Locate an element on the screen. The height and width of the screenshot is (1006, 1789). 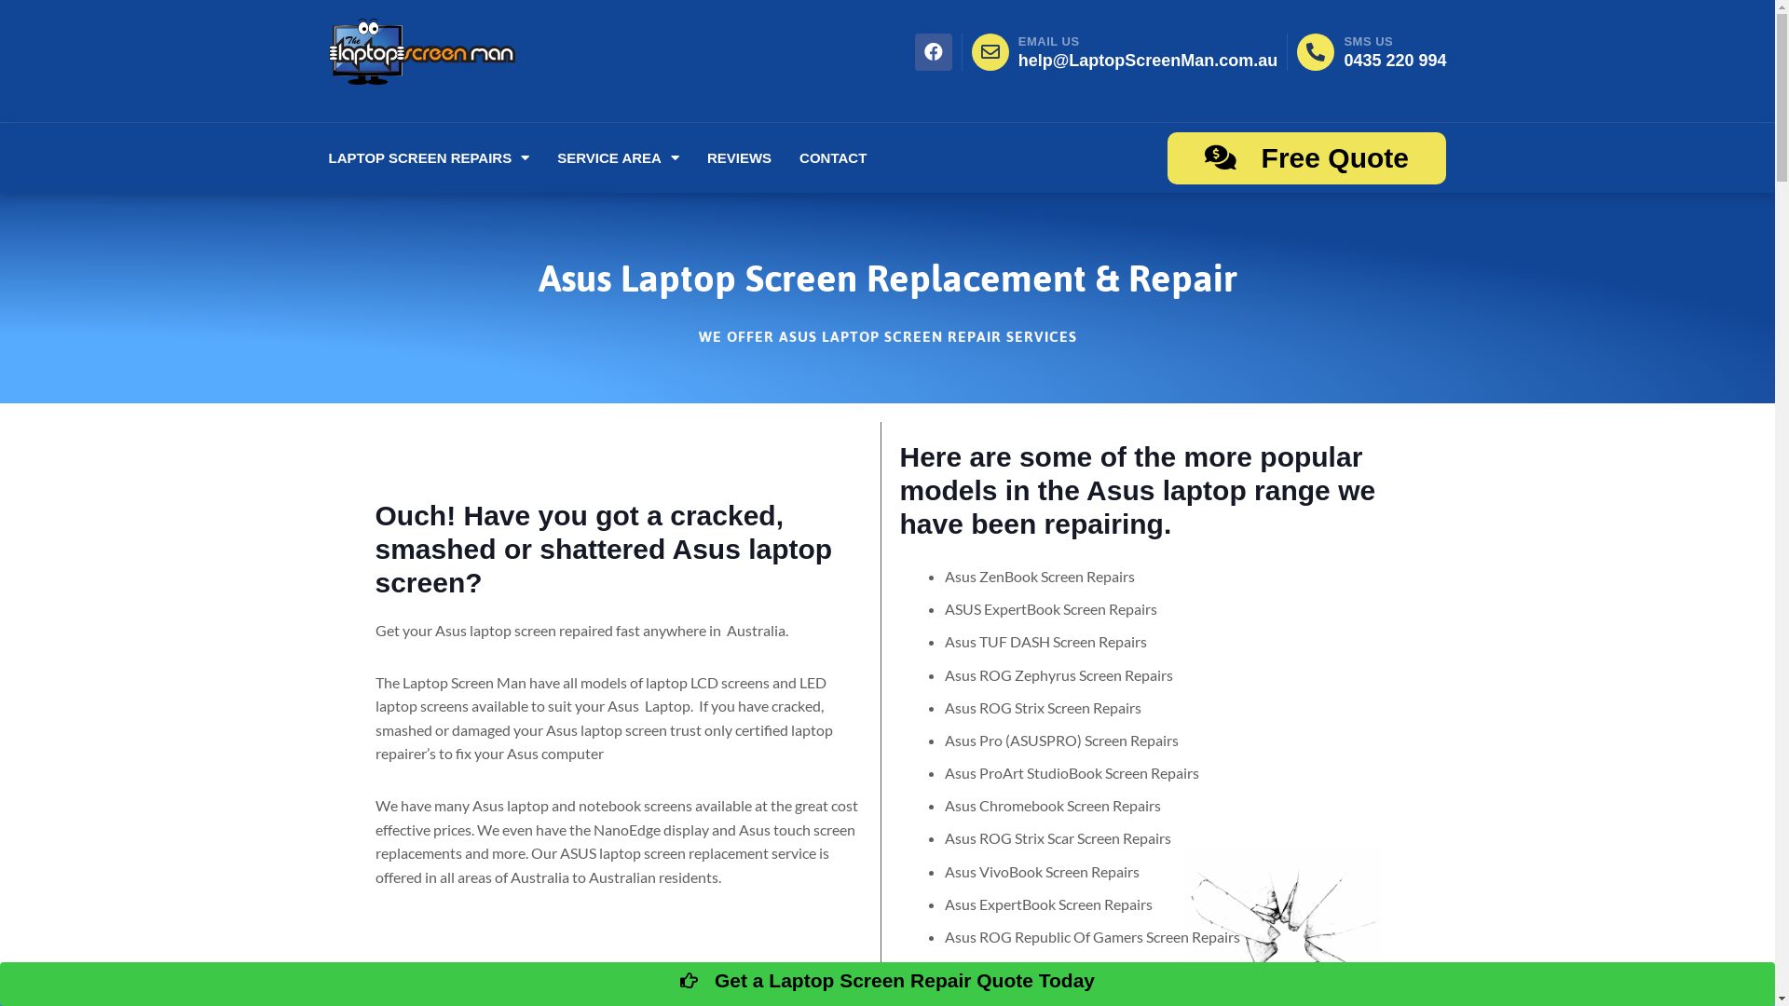
'Free Quote' is located at coordinates (1305, 156).